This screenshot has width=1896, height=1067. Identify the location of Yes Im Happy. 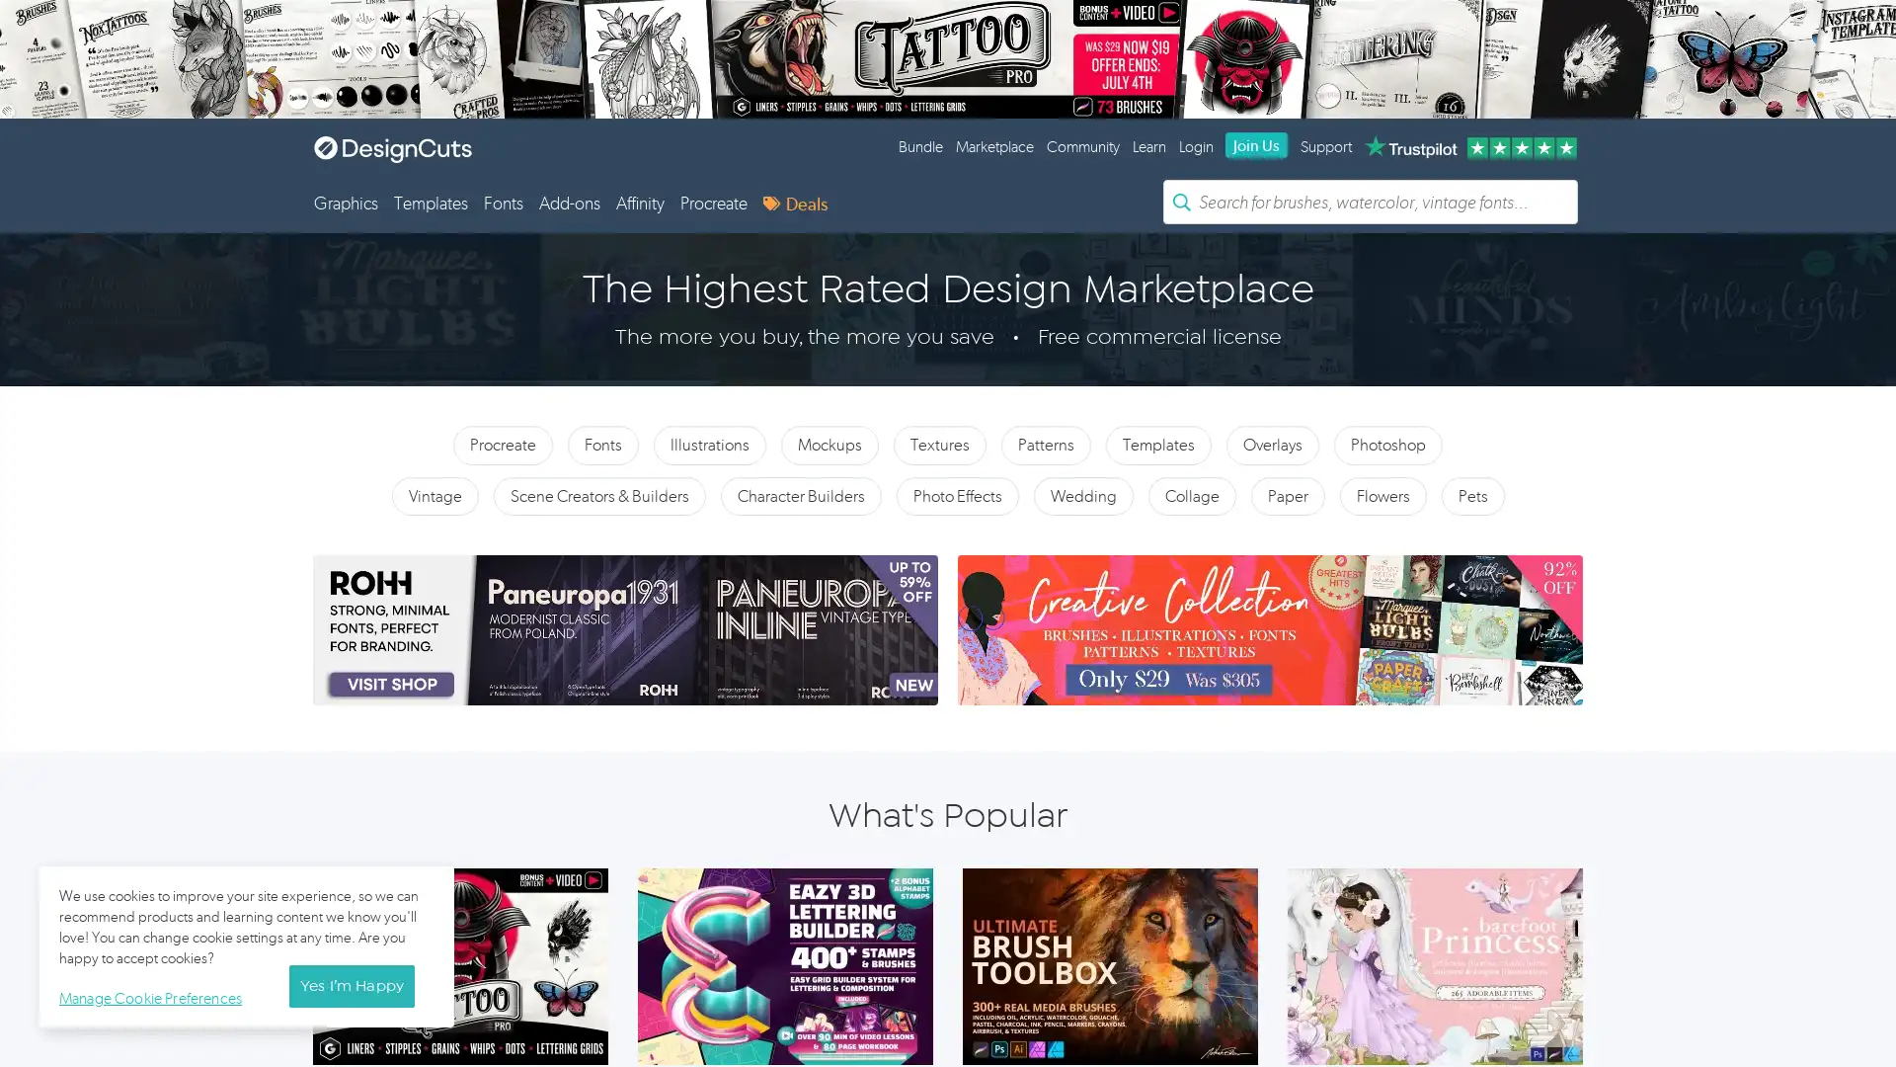
(351, 986).